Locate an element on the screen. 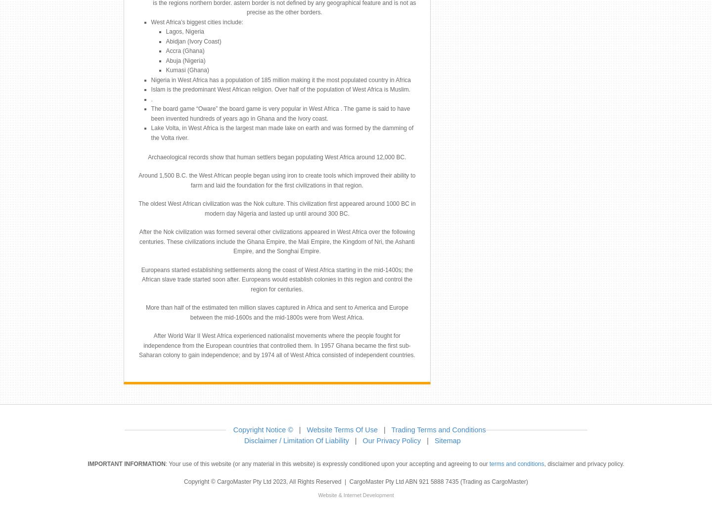 The image size is (712, 510). ', disclaimer and privacy policy.' is located at coordinates (583, 464).